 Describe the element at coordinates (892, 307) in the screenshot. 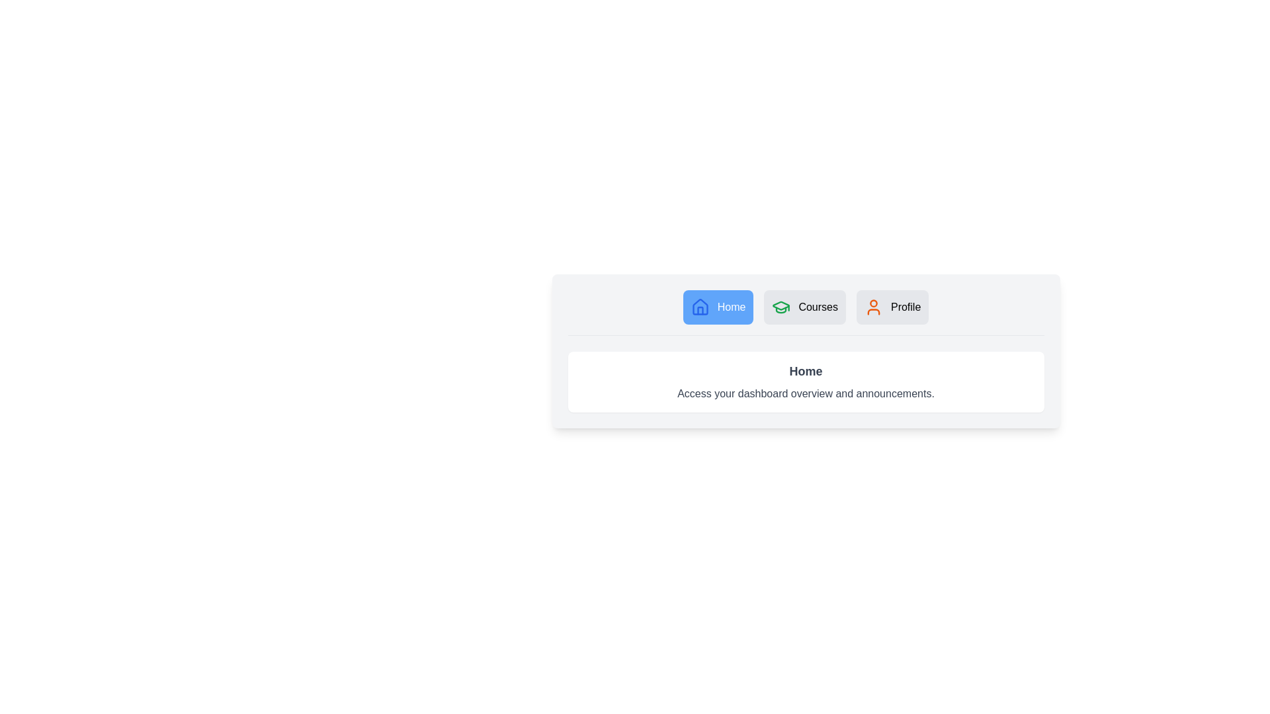

I see `the Profile tab to observe its hover effect` at that location.